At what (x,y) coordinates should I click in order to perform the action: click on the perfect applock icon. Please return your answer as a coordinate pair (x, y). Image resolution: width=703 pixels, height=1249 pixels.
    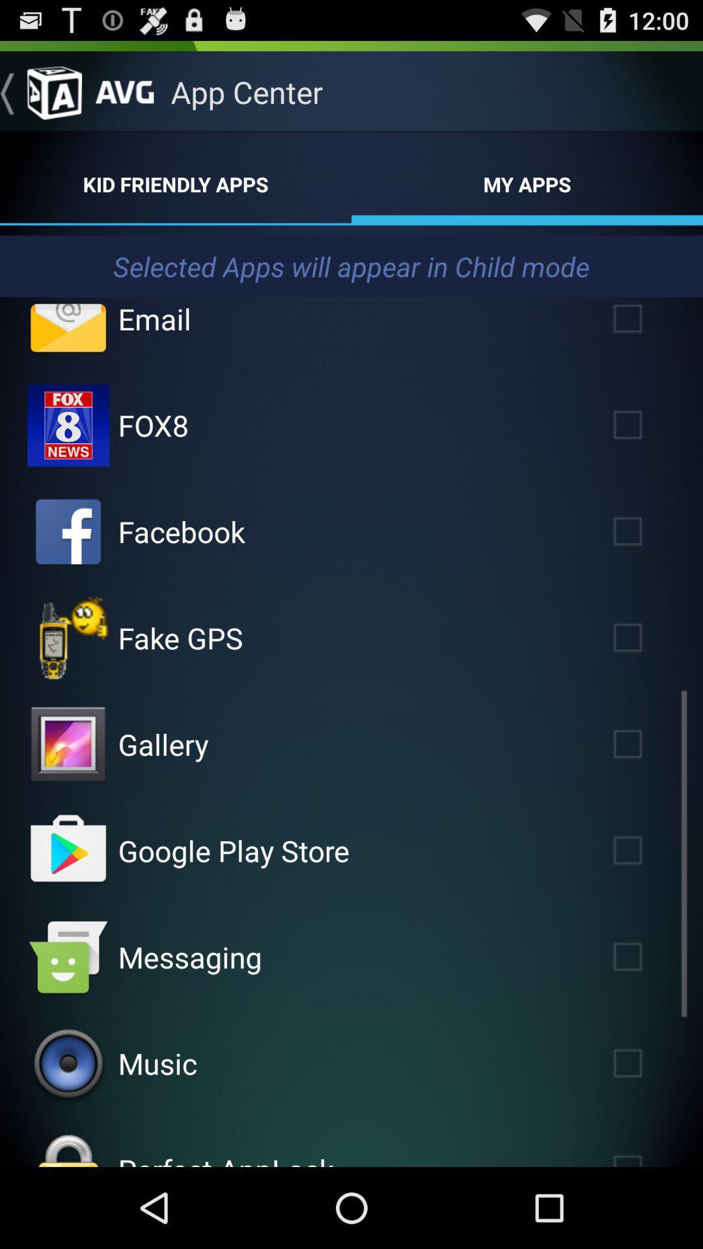
    Looking at the image, I should click on (225, 1158).